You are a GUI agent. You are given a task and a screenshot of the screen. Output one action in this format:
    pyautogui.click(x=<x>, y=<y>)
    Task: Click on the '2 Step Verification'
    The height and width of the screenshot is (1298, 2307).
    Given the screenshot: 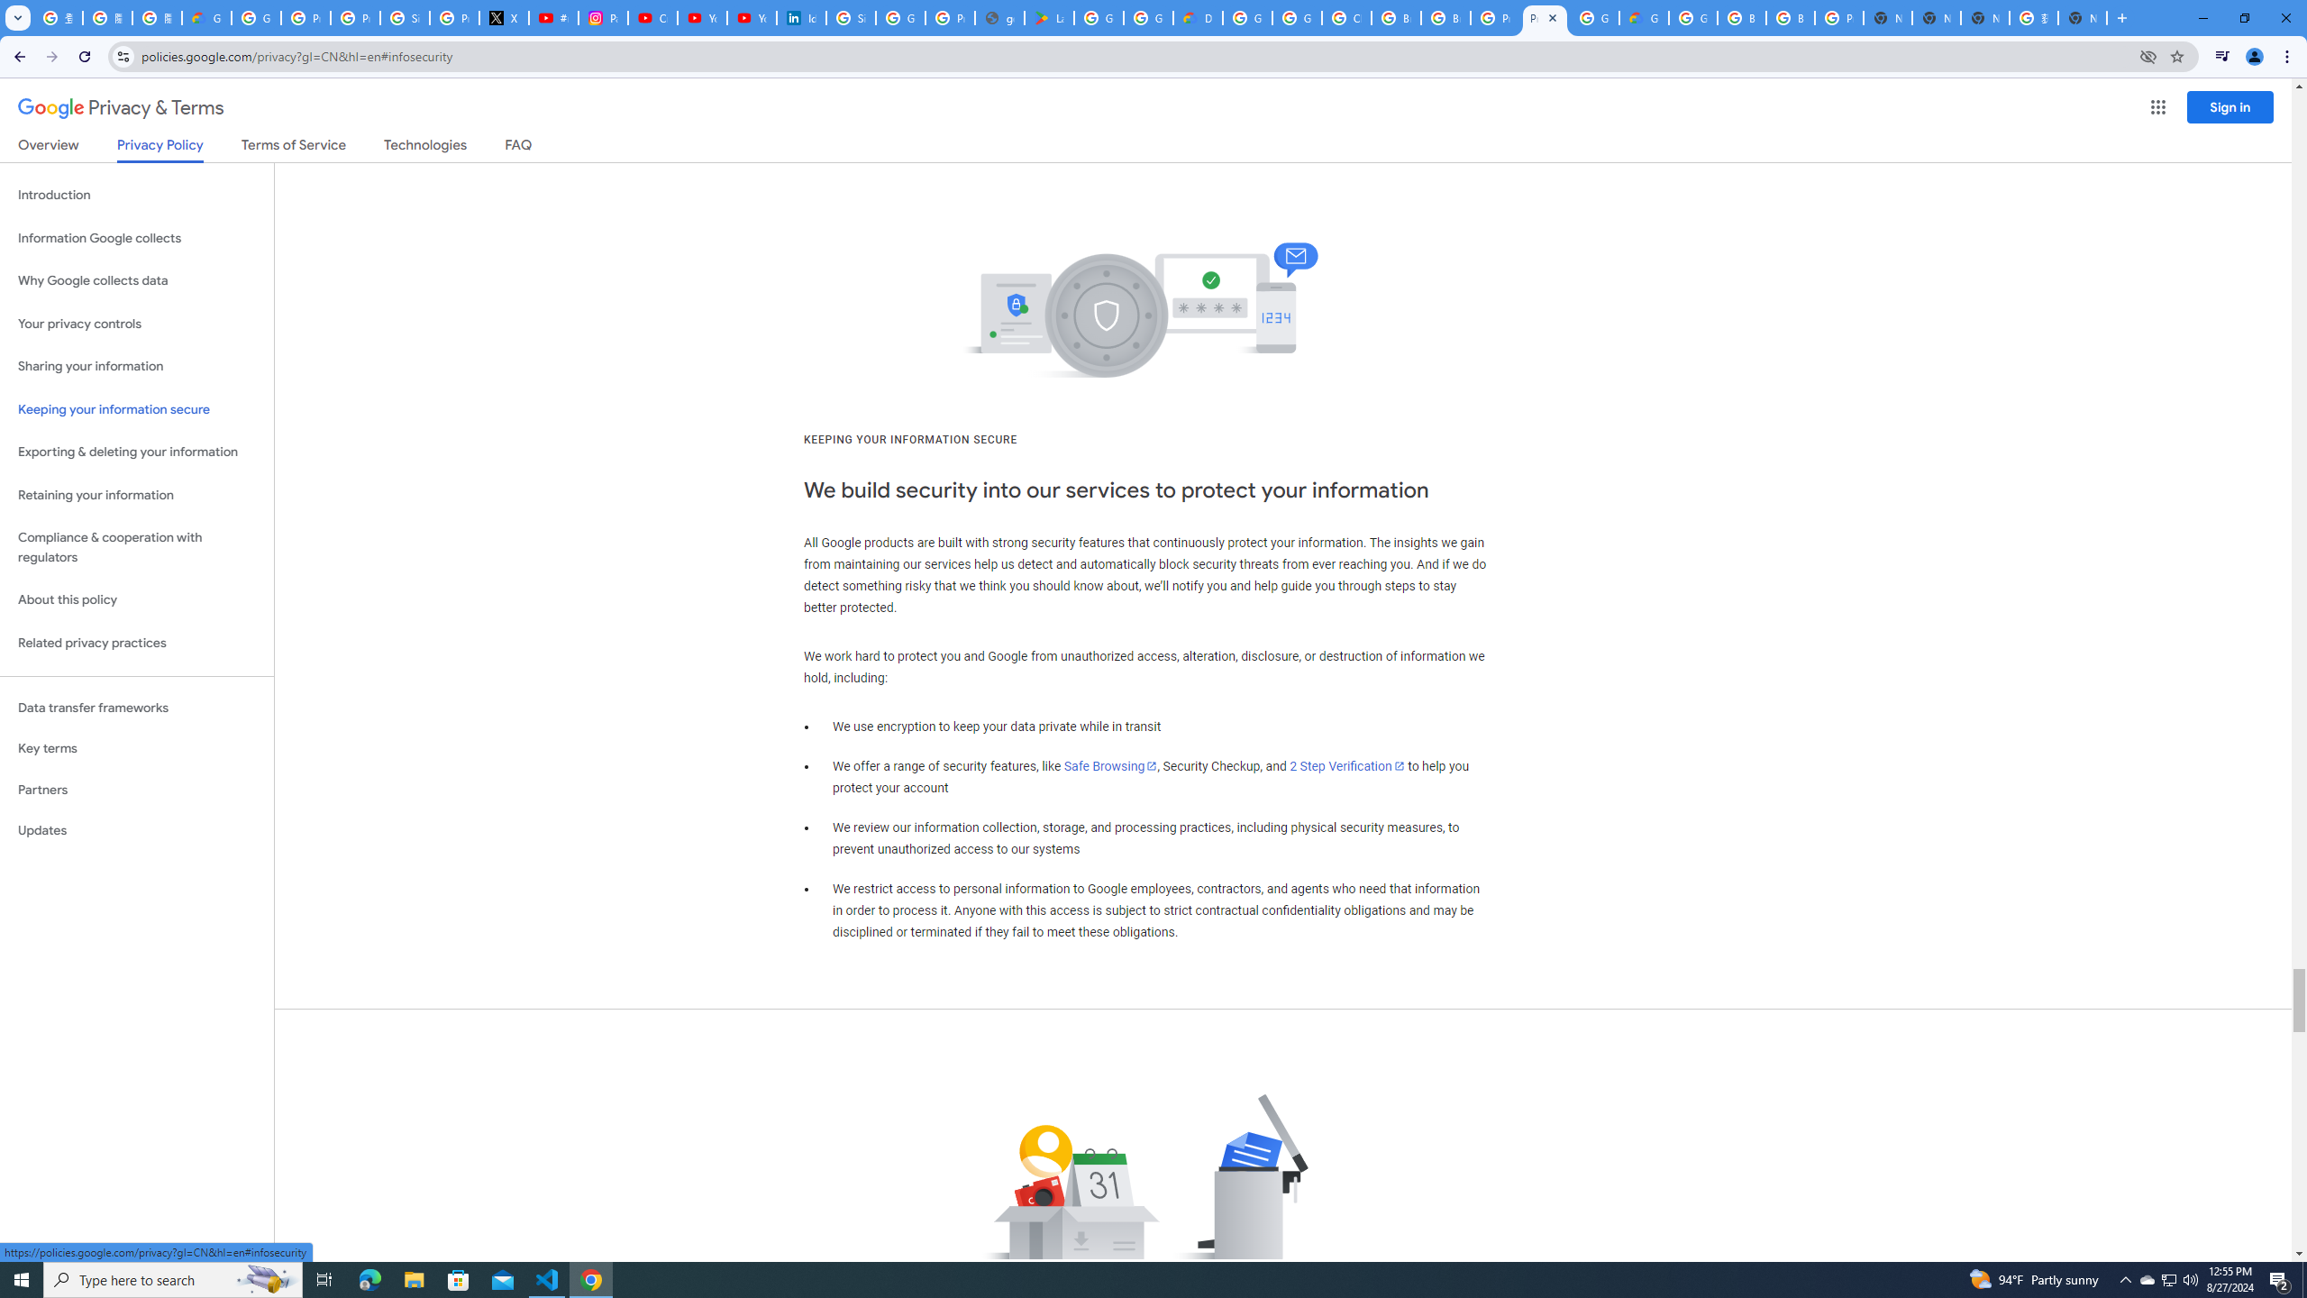 What is the action you would take?
    pyautogui.click(x=1347, y=766)
    